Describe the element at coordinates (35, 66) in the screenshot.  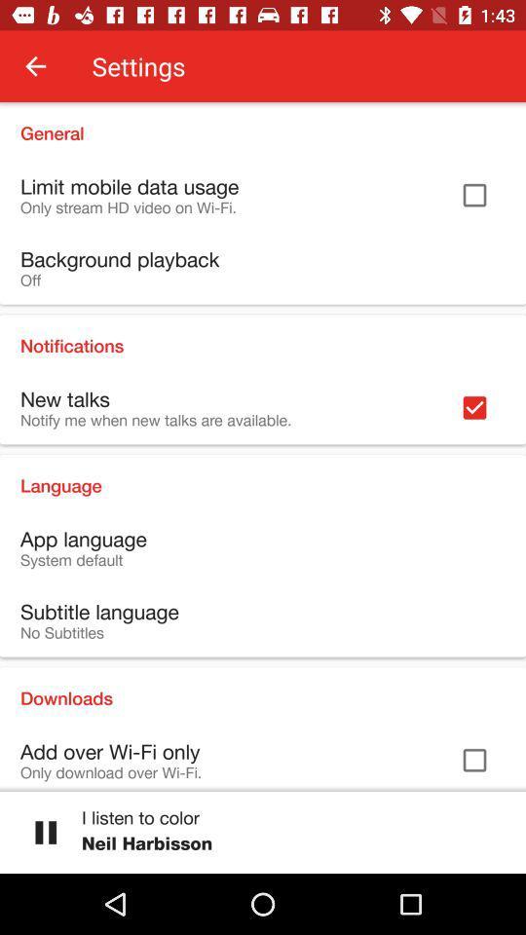
I see `the icon to the left of settings` at that location.